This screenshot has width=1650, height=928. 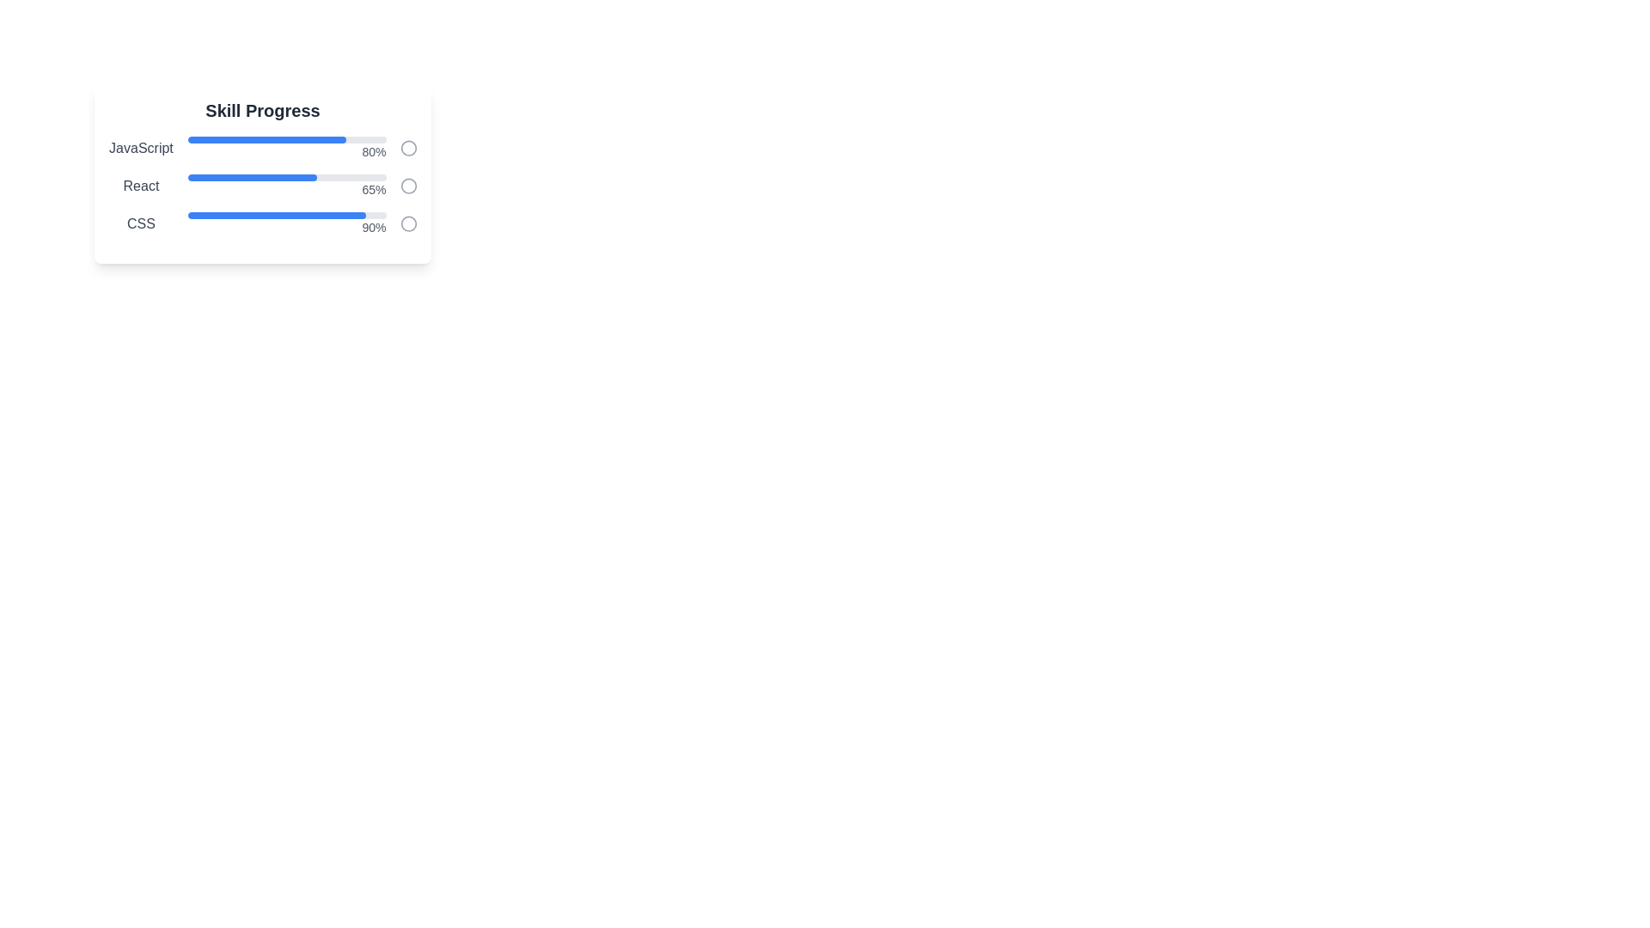 I want to click on the third progress bar in the vertical list of skill progress indicators, located under the 'CSS' label, which shows a 90% completion, so click(x=287, y=214).